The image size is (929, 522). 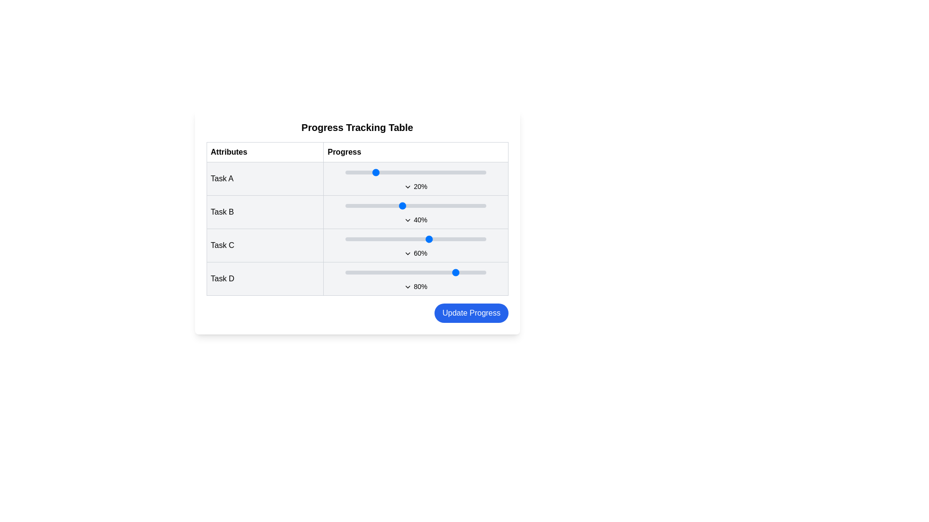 I want to click on progress for Task D, so click(x=383, y=272).